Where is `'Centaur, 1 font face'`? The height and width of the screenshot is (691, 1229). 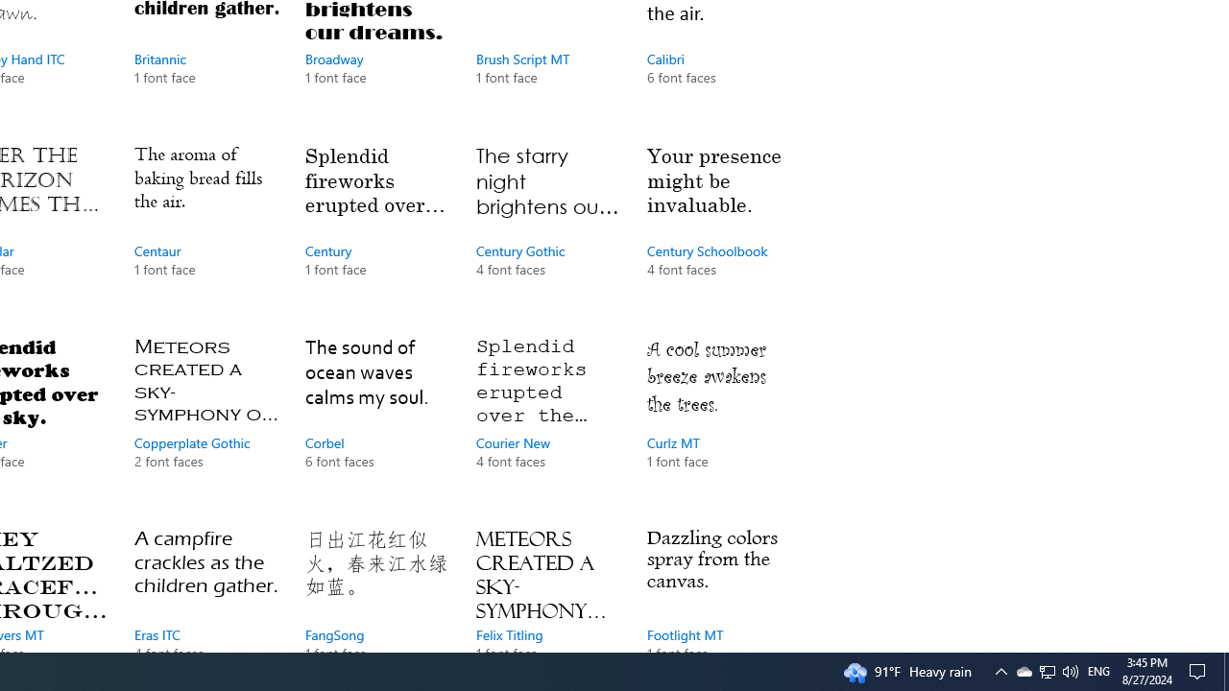
'Centaur, 1 font face' is located at coordinates (206, 228).